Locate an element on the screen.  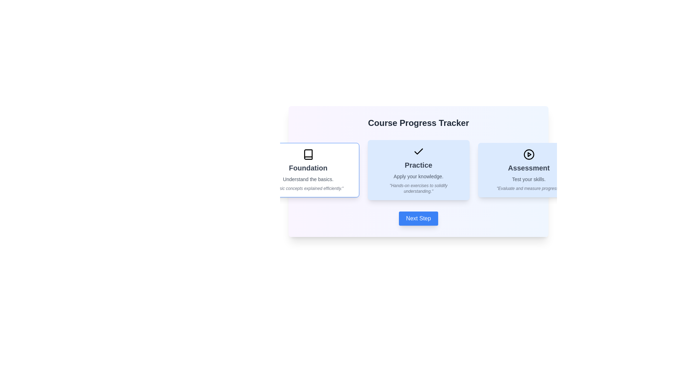
the additional commentary text located at the bottom of the 'Assessment' card, directly below the 'Test your skills.' description is located at coordinates (529, 188).